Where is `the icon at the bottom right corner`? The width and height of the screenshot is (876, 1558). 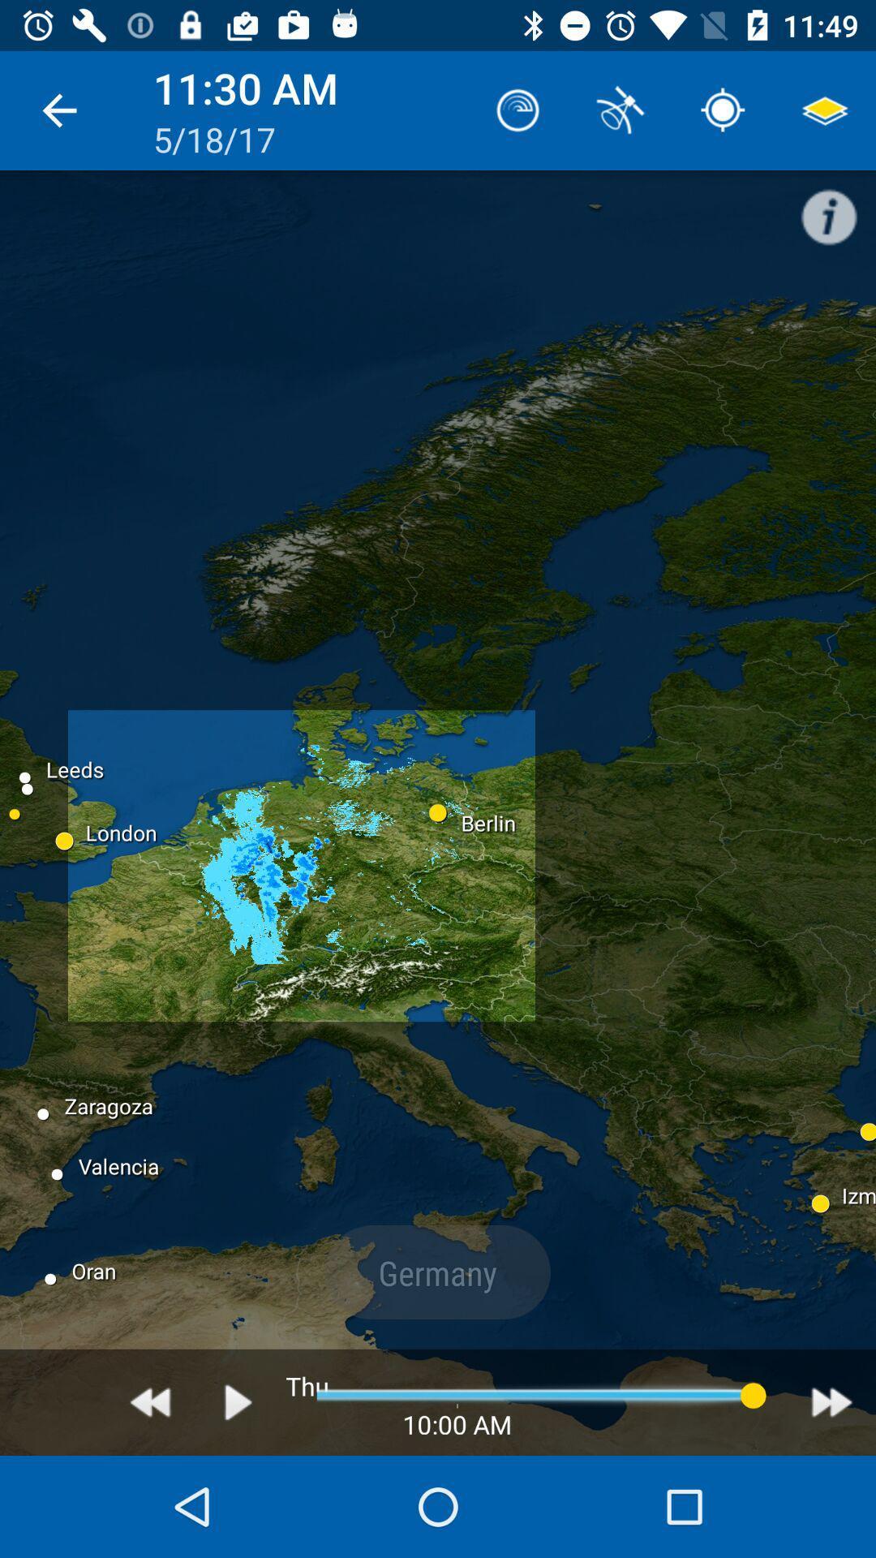
the icon at the bottom right corner is located at coordinates (831, 1401).